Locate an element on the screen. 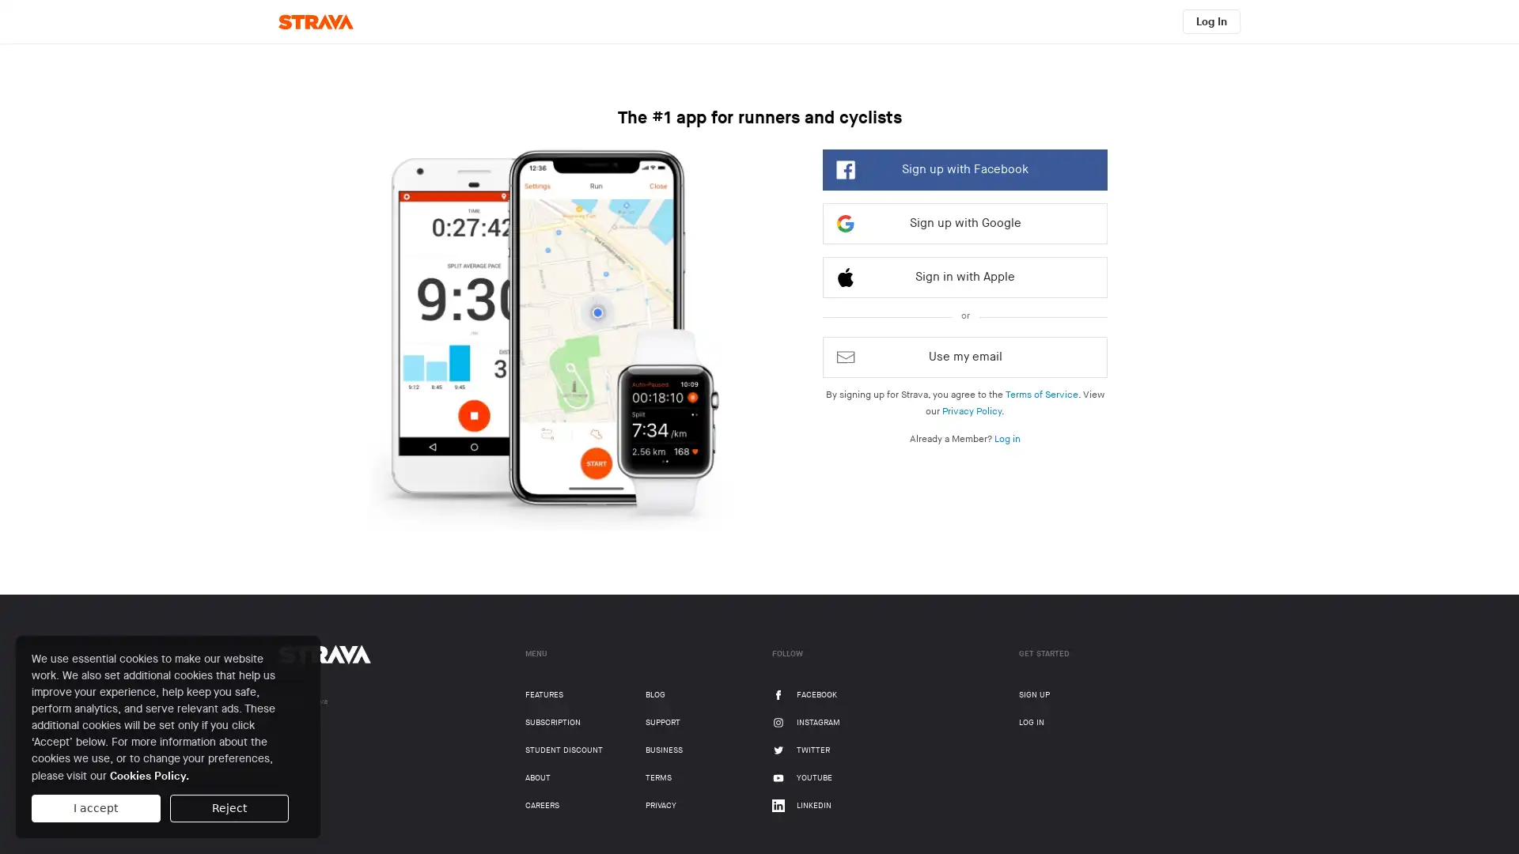  I accept is located at coordinates (94, 808).